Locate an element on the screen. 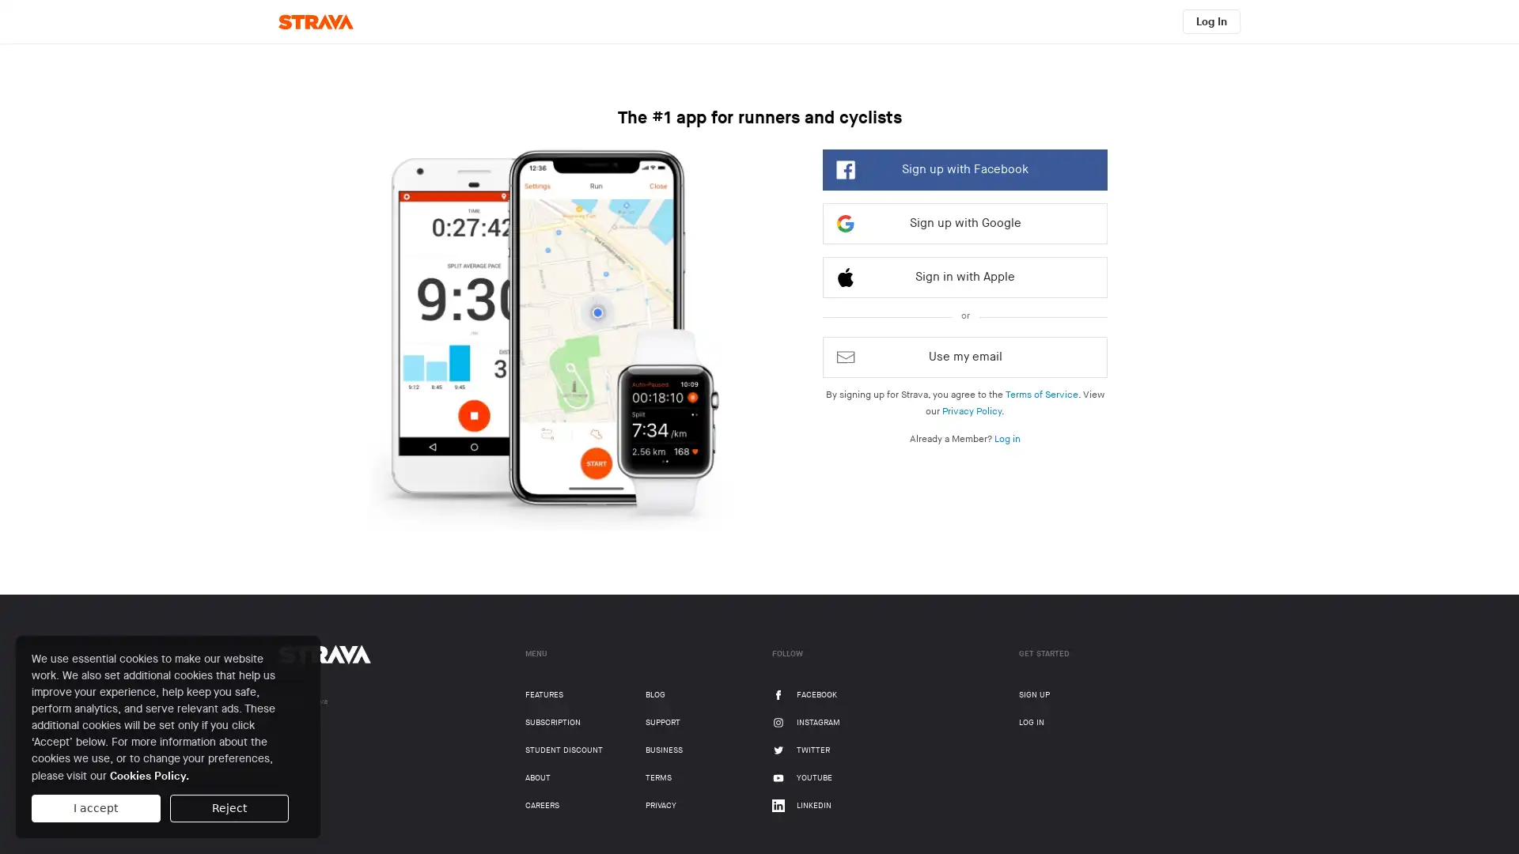  I accept is located at coordinates (94, 808).